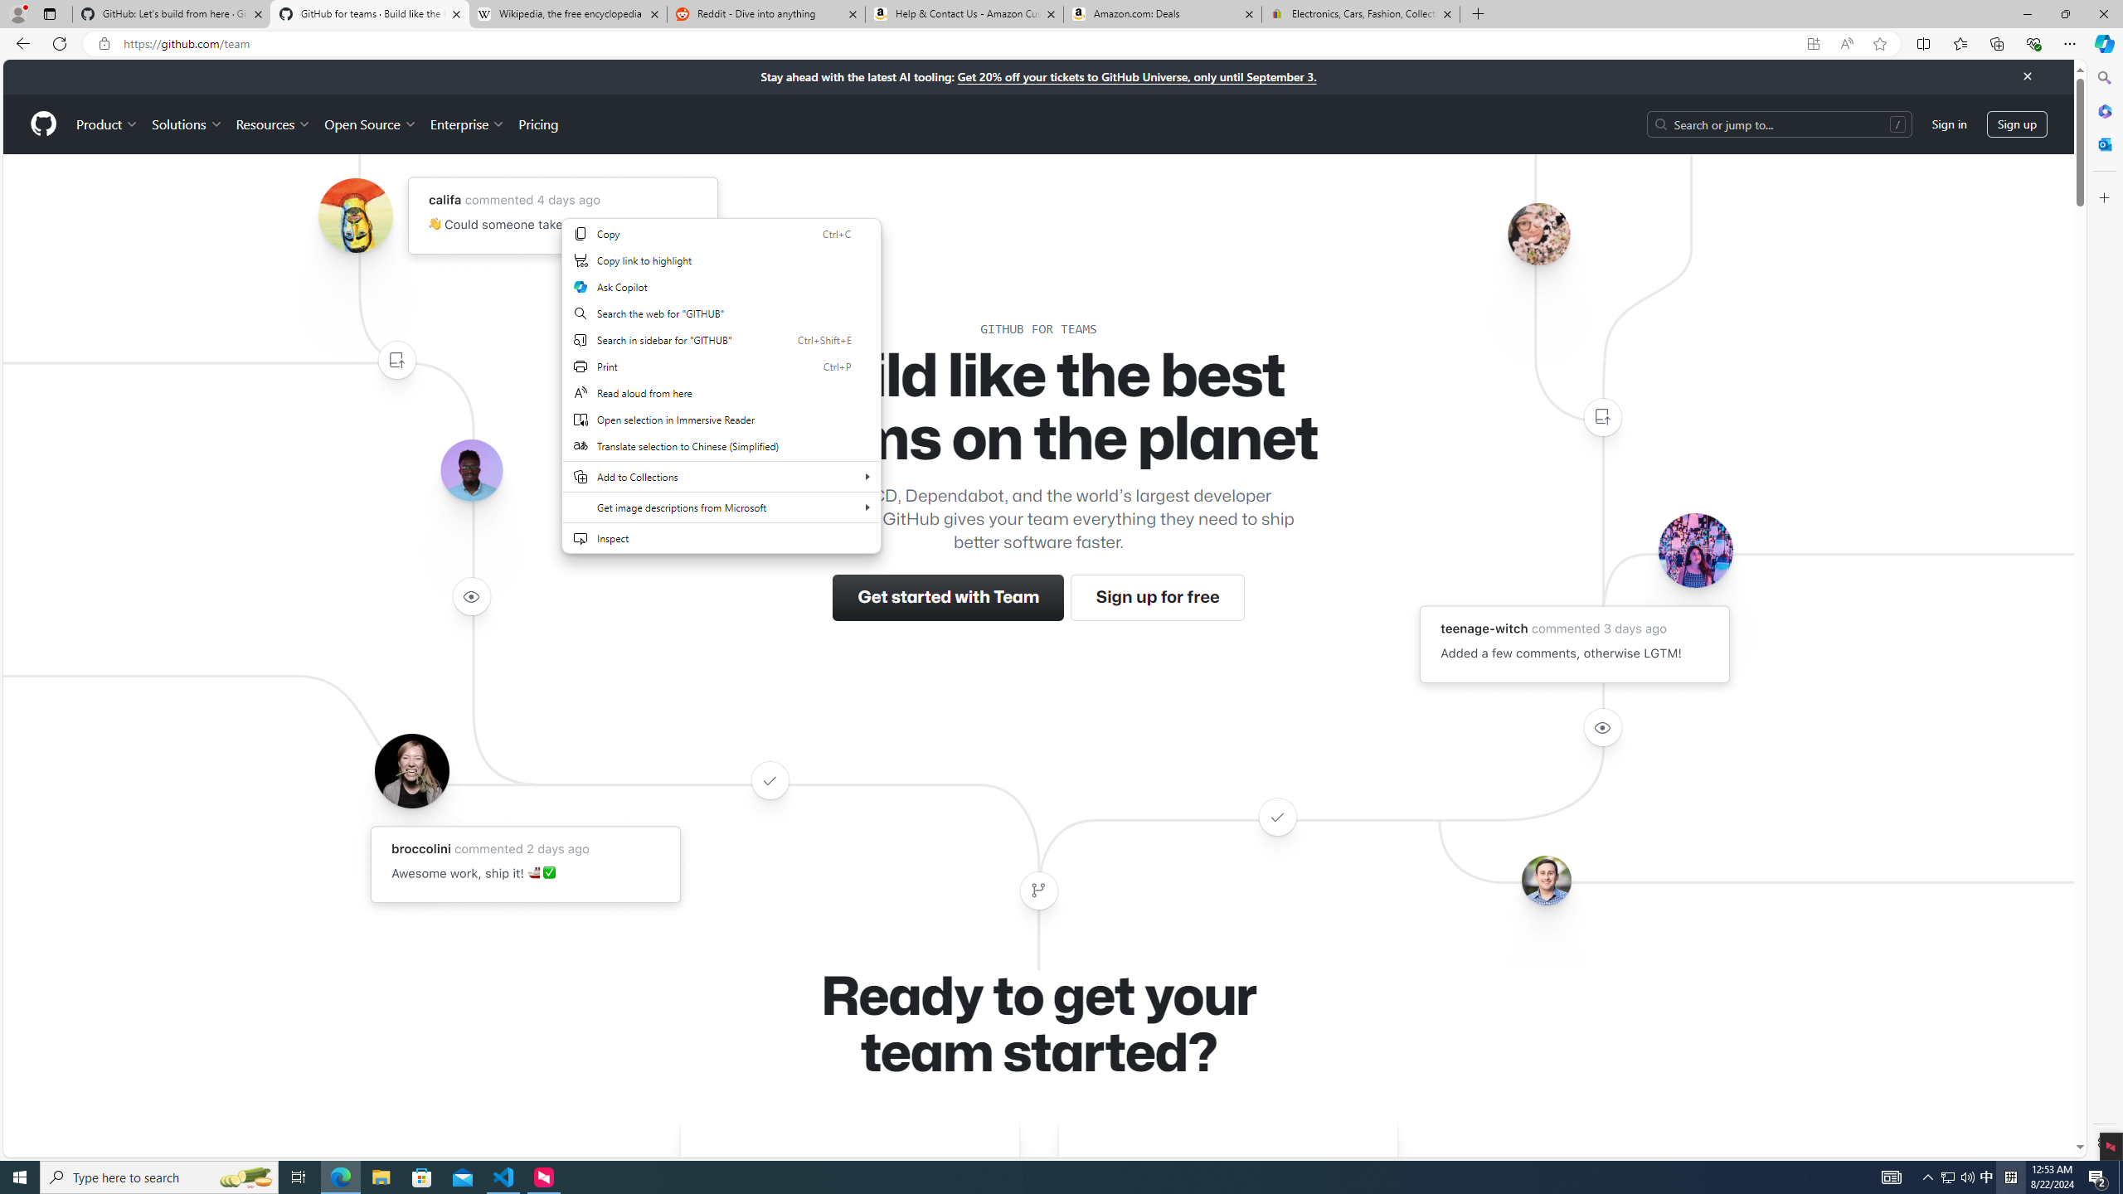  Describe the element at coordinates (274, 124) in the screenshot. I see `'Resources'` at that location.